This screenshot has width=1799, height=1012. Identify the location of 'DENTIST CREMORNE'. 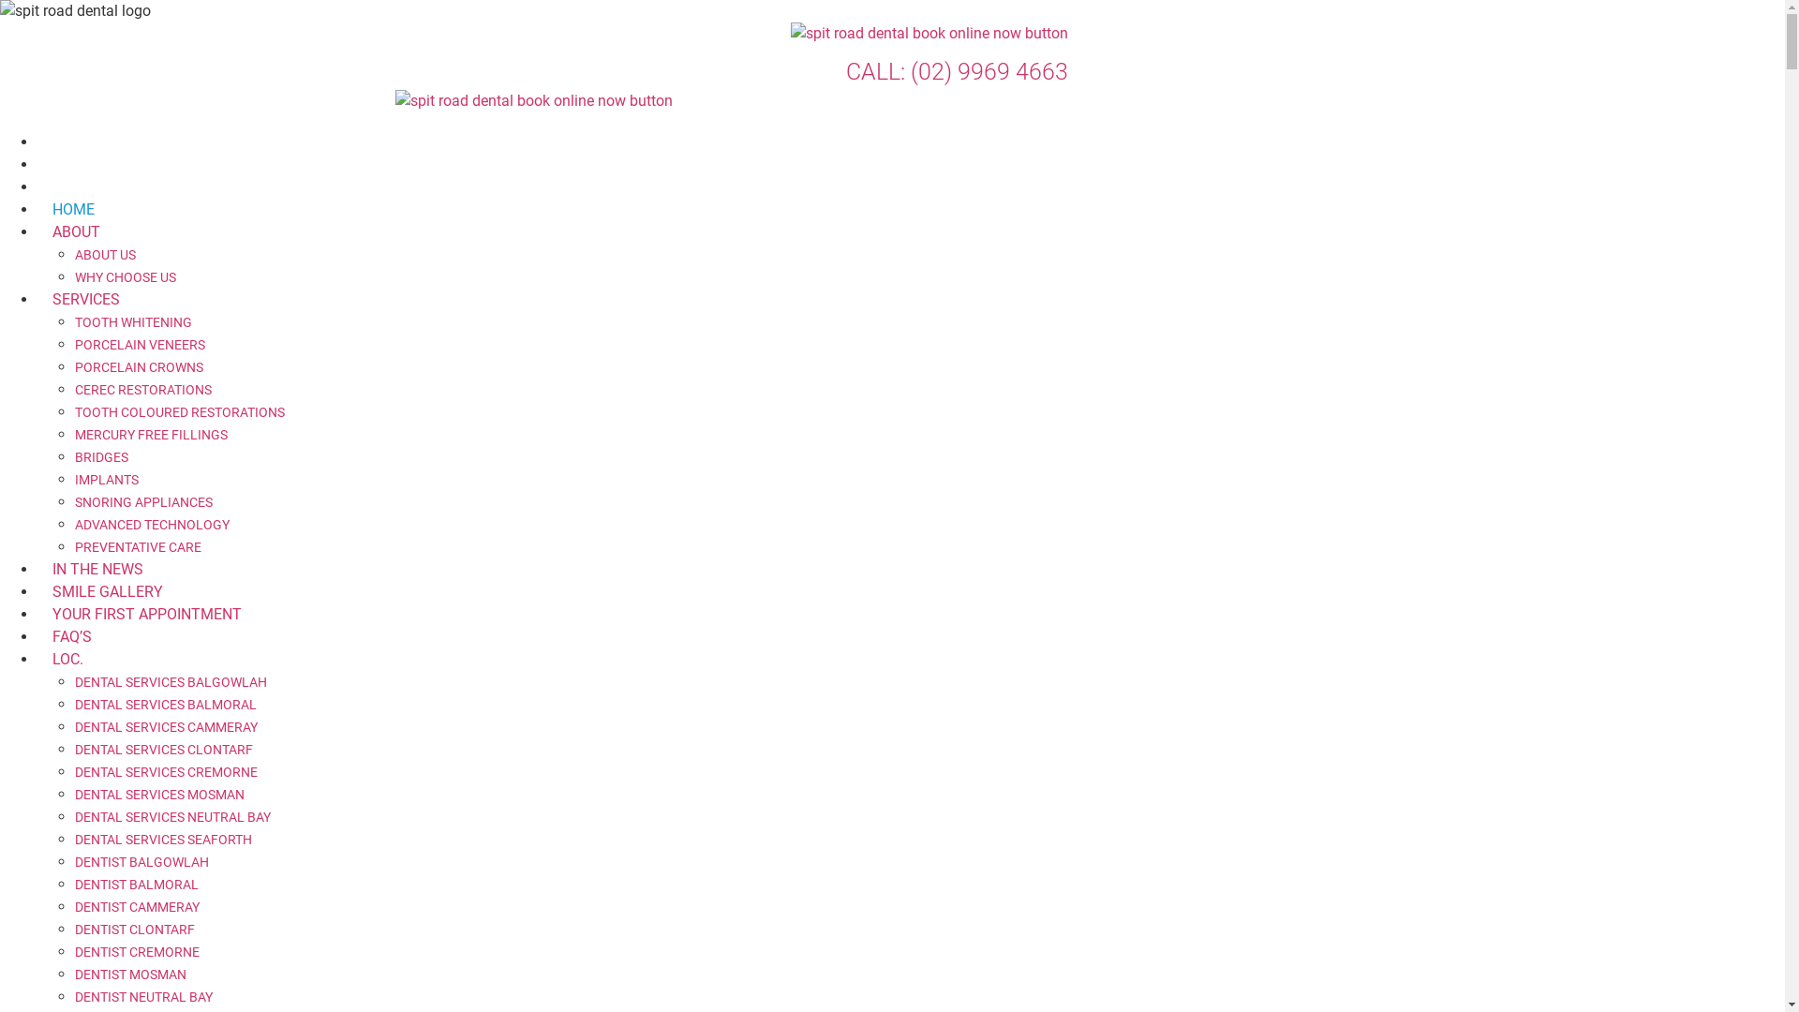
(136, 951).